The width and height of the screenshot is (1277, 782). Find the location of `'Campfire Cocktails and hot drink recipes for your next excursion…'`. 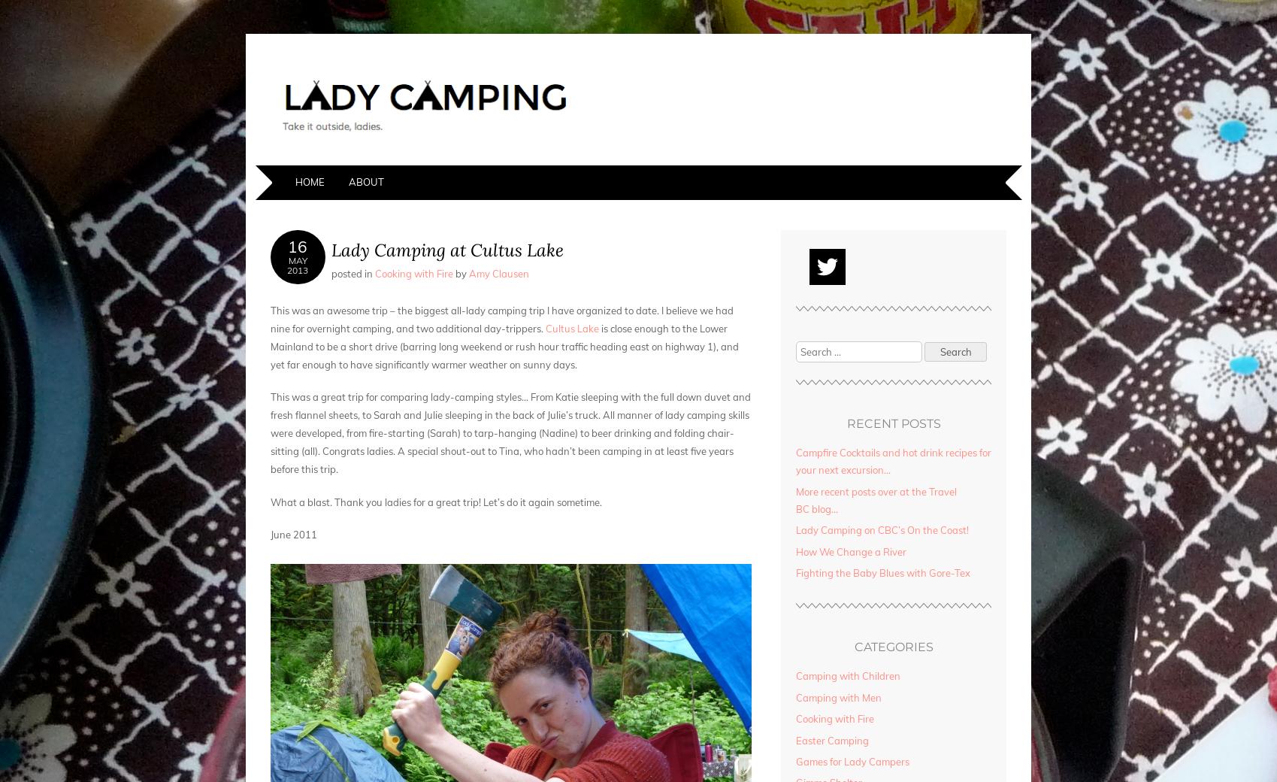

'Campfire Cocktails and hot drink recipes for your next excursion…' is located at coordinates (893, 459).